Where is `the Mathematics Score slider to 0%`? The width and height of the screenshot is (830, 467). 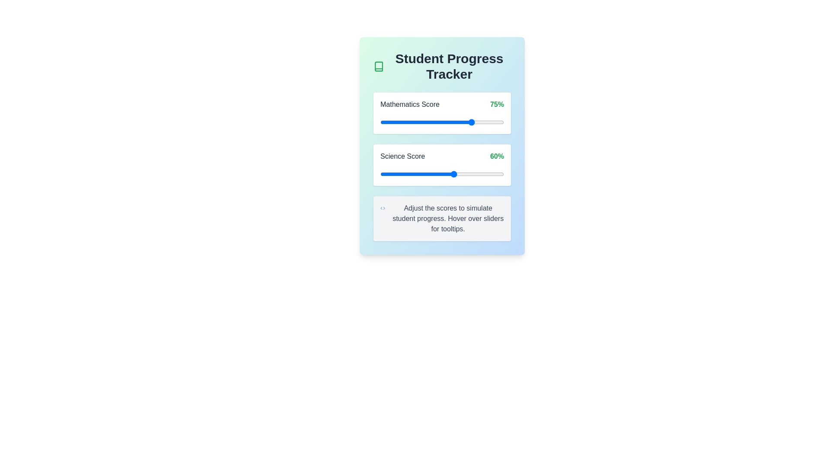 the Mathematics Score slider to 0% is located at coordinates (380, 122).